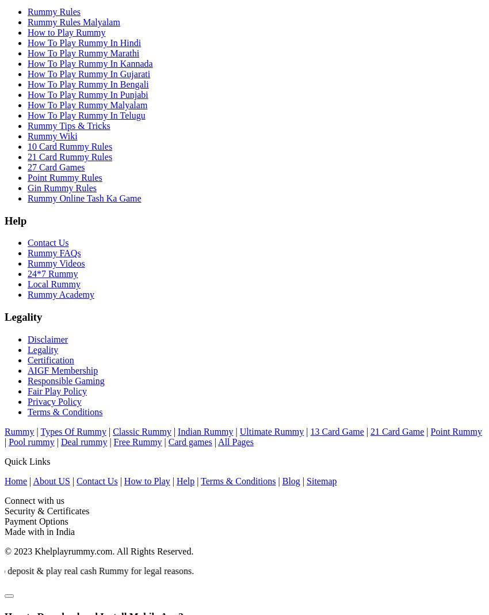 This screenshot has width=489, height=615. Describe the element at coordinates (84, 197) in the screenshot. I see `'Rummy Online Tash Ka Game'` at that location.